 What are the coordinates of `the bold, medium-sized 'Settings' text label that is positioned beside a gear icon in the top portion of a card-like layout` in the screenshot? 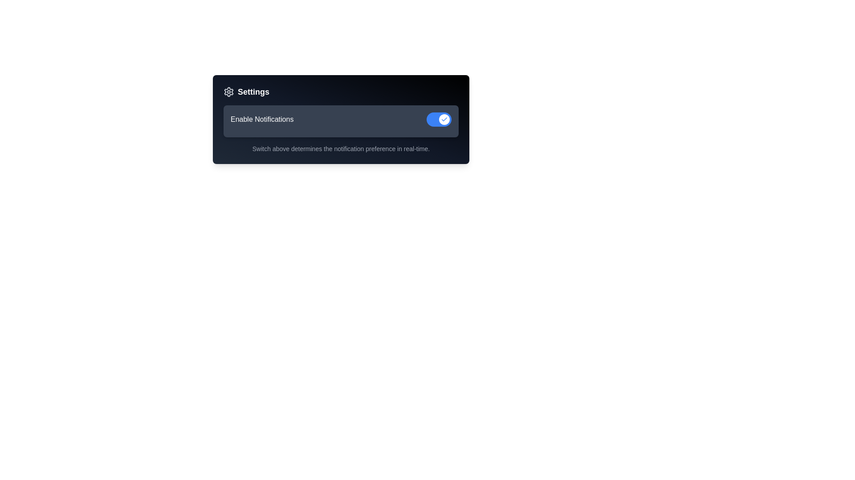 It's located at (253, 92).